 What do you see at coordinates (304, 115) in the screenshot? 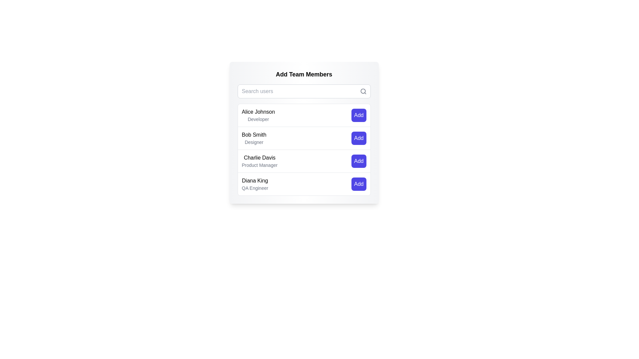
I see `information about the user 'Alice Johnson' from the first list item in the vertically stacked list located below the search bar` at bounding box center [304, 115].